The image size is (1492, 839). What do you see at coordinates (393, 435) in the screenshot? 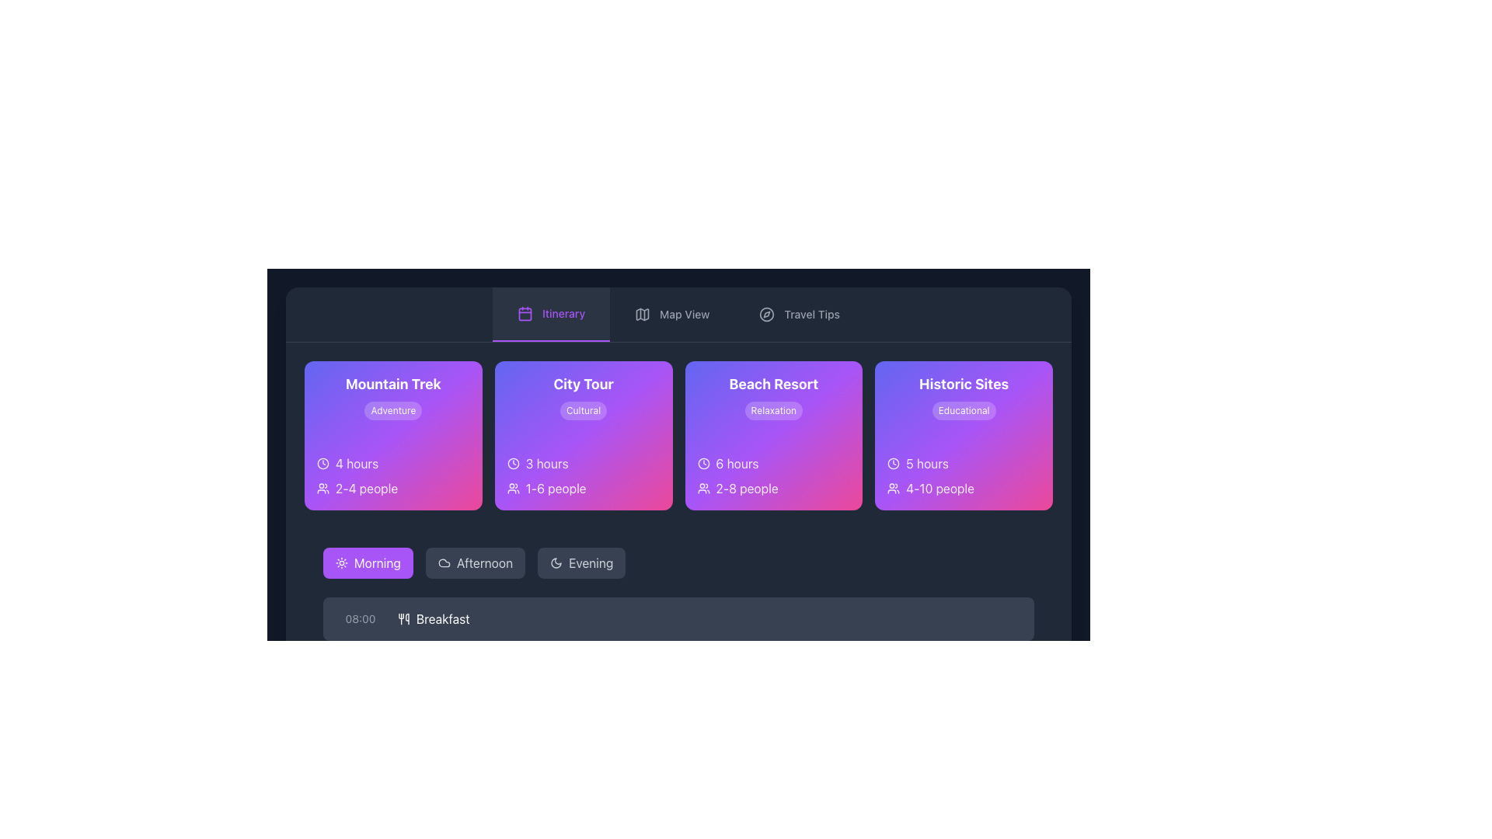
I see `the first activity card in the itinerary planner` at bounding box center [393, 435].